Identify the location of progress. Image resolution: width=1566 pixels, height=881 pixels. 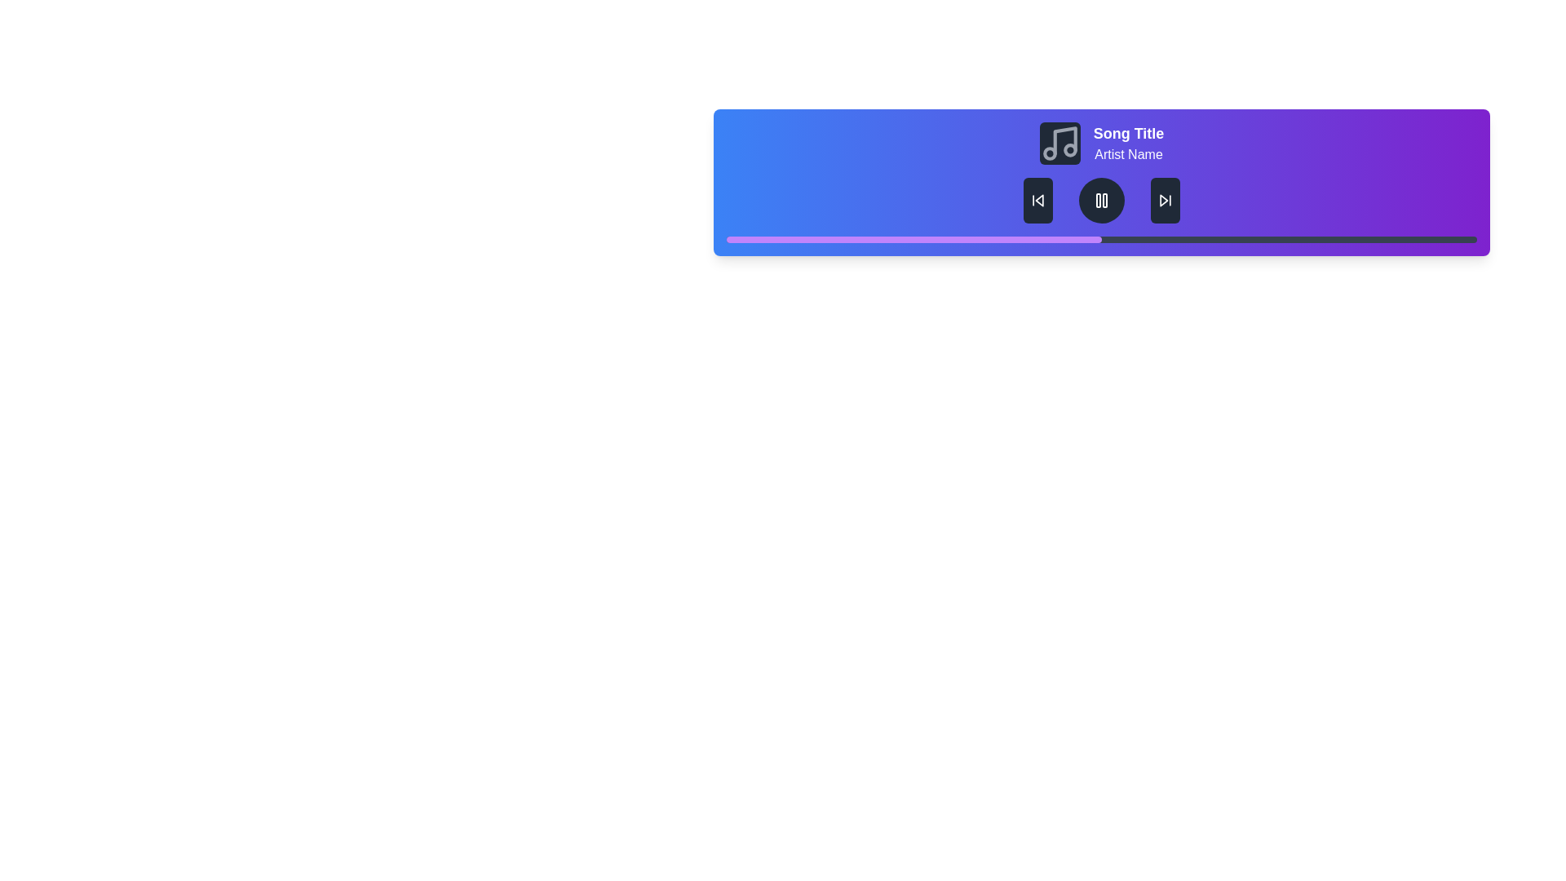
(1011, 239).